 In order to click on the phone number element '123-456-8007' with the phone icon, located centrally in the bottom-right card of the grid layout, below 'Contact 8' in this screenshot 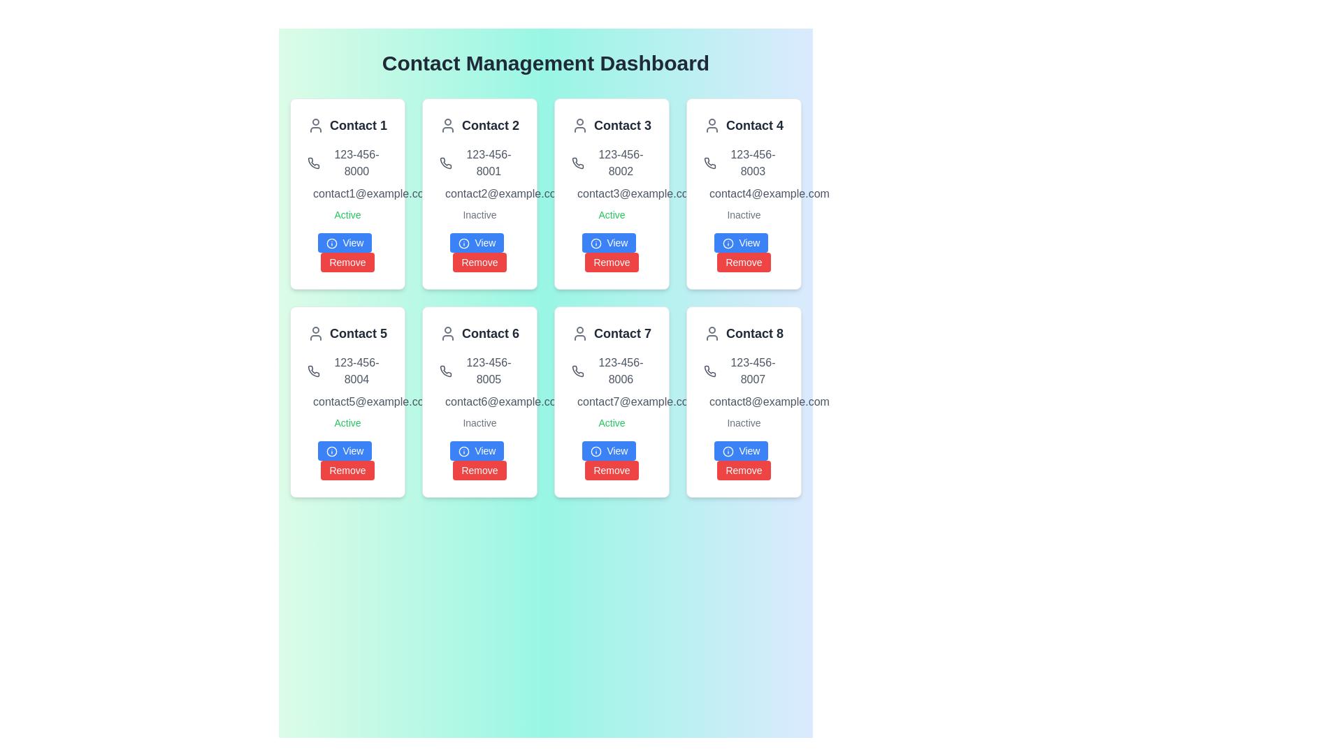, I will do `click(743, 371)`.